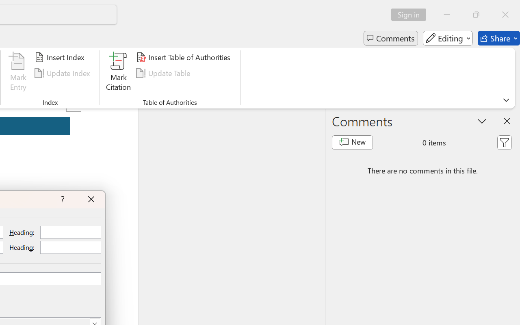 Image resolution: width=520 pixels, height=325 pixels. What do you see at coordinates (352, 142) in the screenshot?
I see `'New comment'` at bounding box center [352, 142].